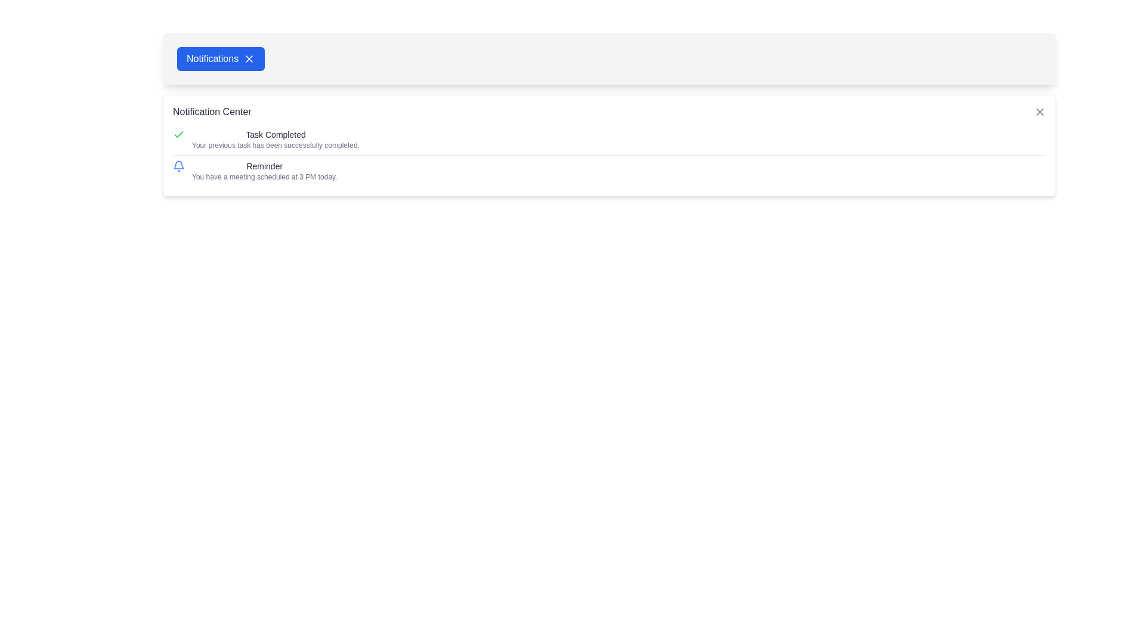 The height and width of the screenshot is (644, 1145). What do you see at coordinates (249, 59) in the screenshot?
I see `the 'X' icon button on the blue 'Notifications' button` at bounding box center [249, 59].